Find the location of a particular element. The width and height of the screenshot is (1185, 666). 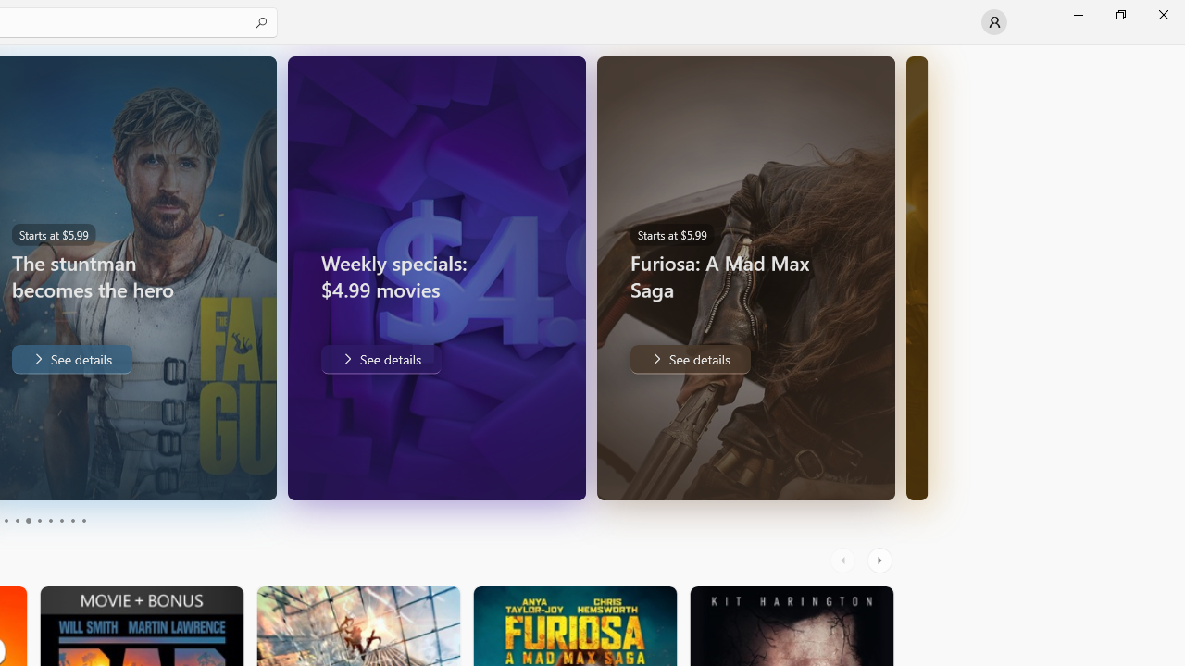

'Restore Microsoft Store' is located at coordinates (1119, 14).